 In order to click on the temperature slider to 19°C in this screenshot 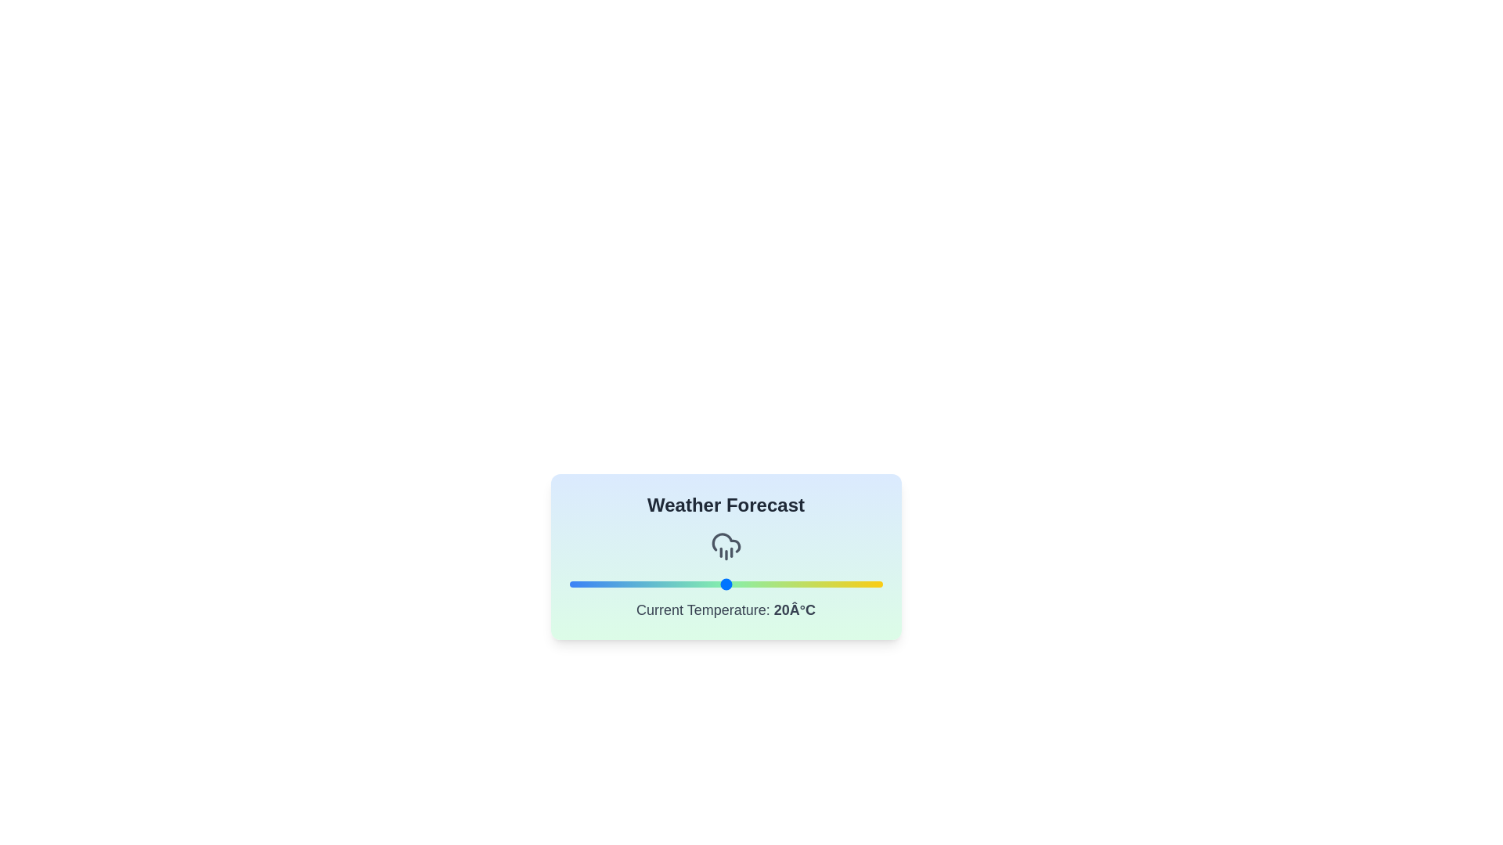, I will do `click(717, 584)`.